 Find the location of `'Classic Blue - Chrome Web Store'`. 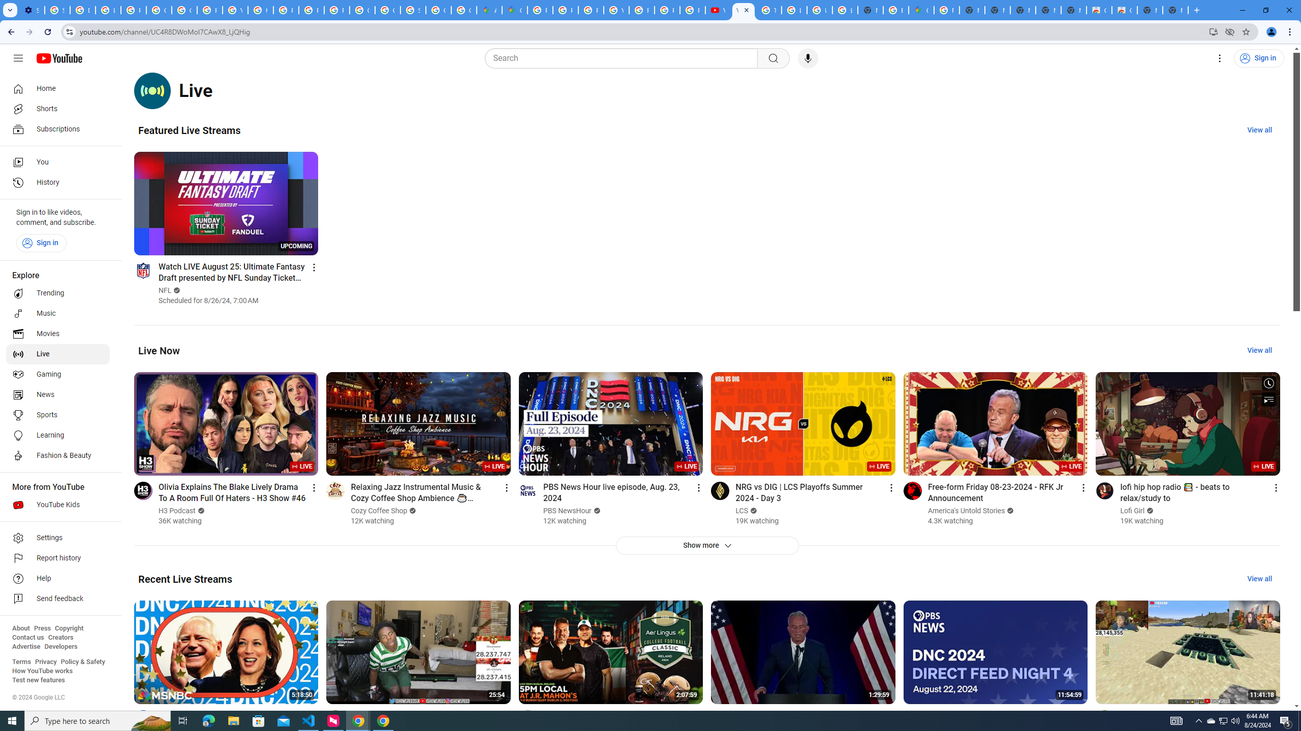

'Classic Blue - Chrome Web Store' is located at coordinates (1099, 10).